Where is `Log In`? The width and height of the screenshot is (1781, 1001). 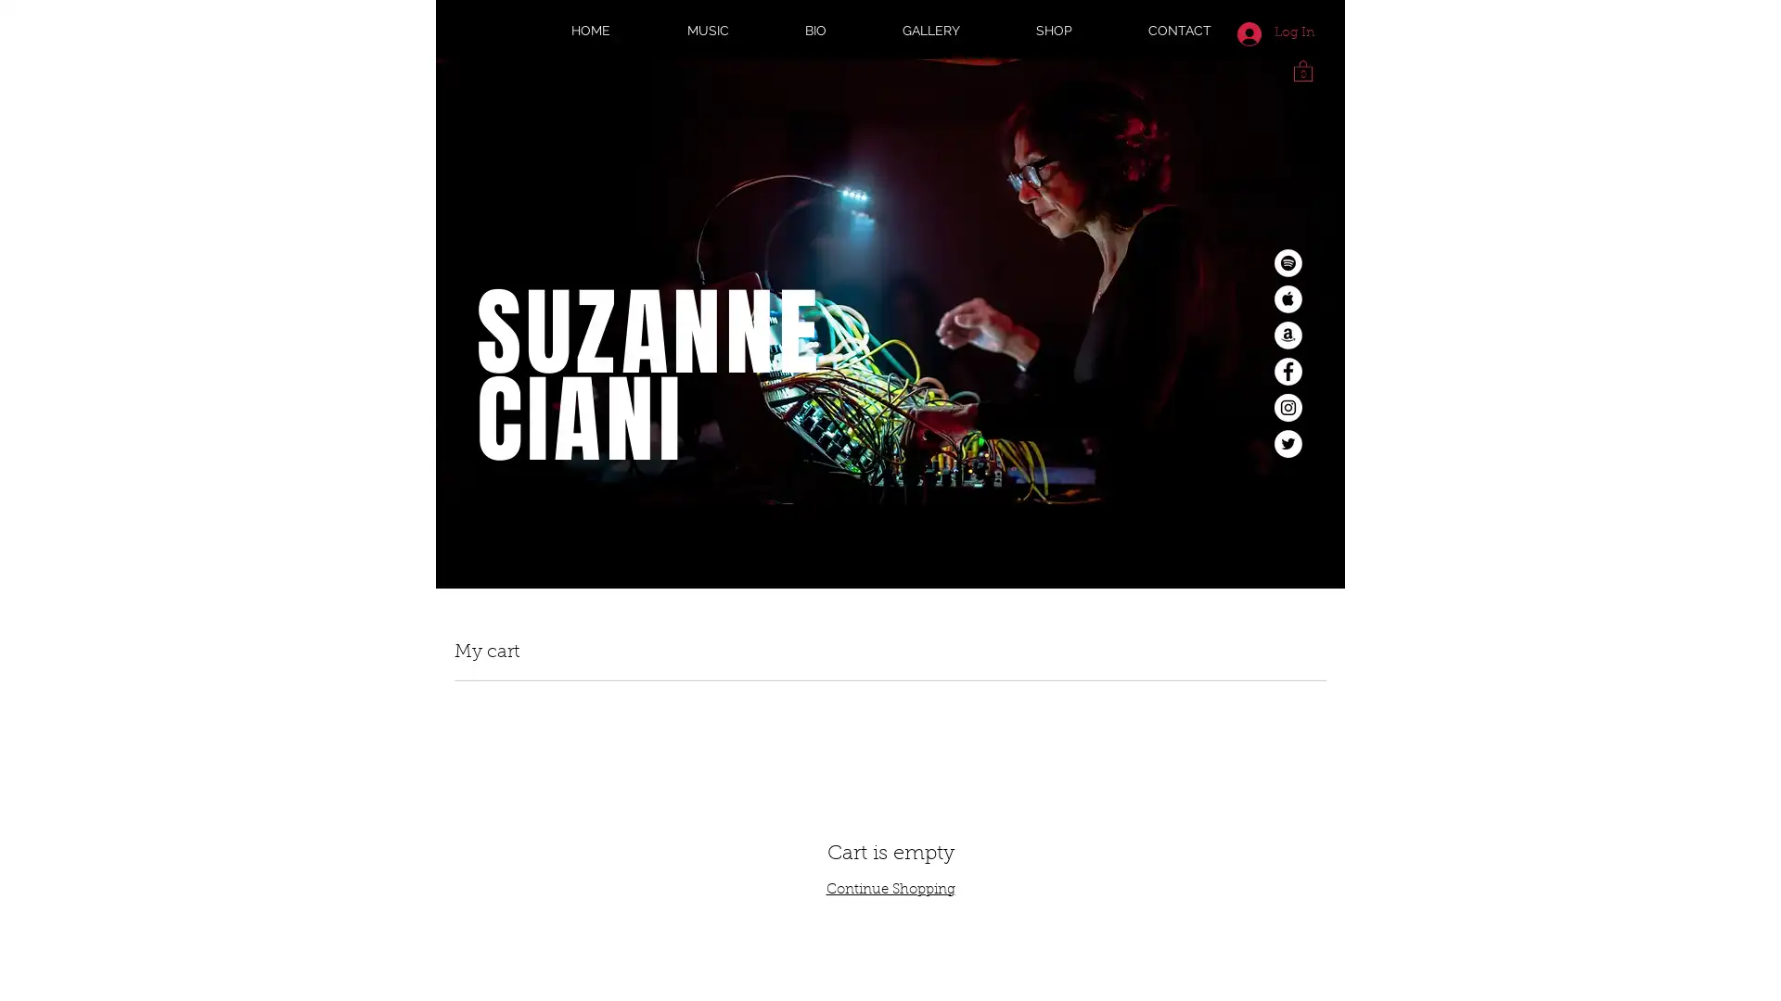
Log In is located at coordinates (1275, 32).